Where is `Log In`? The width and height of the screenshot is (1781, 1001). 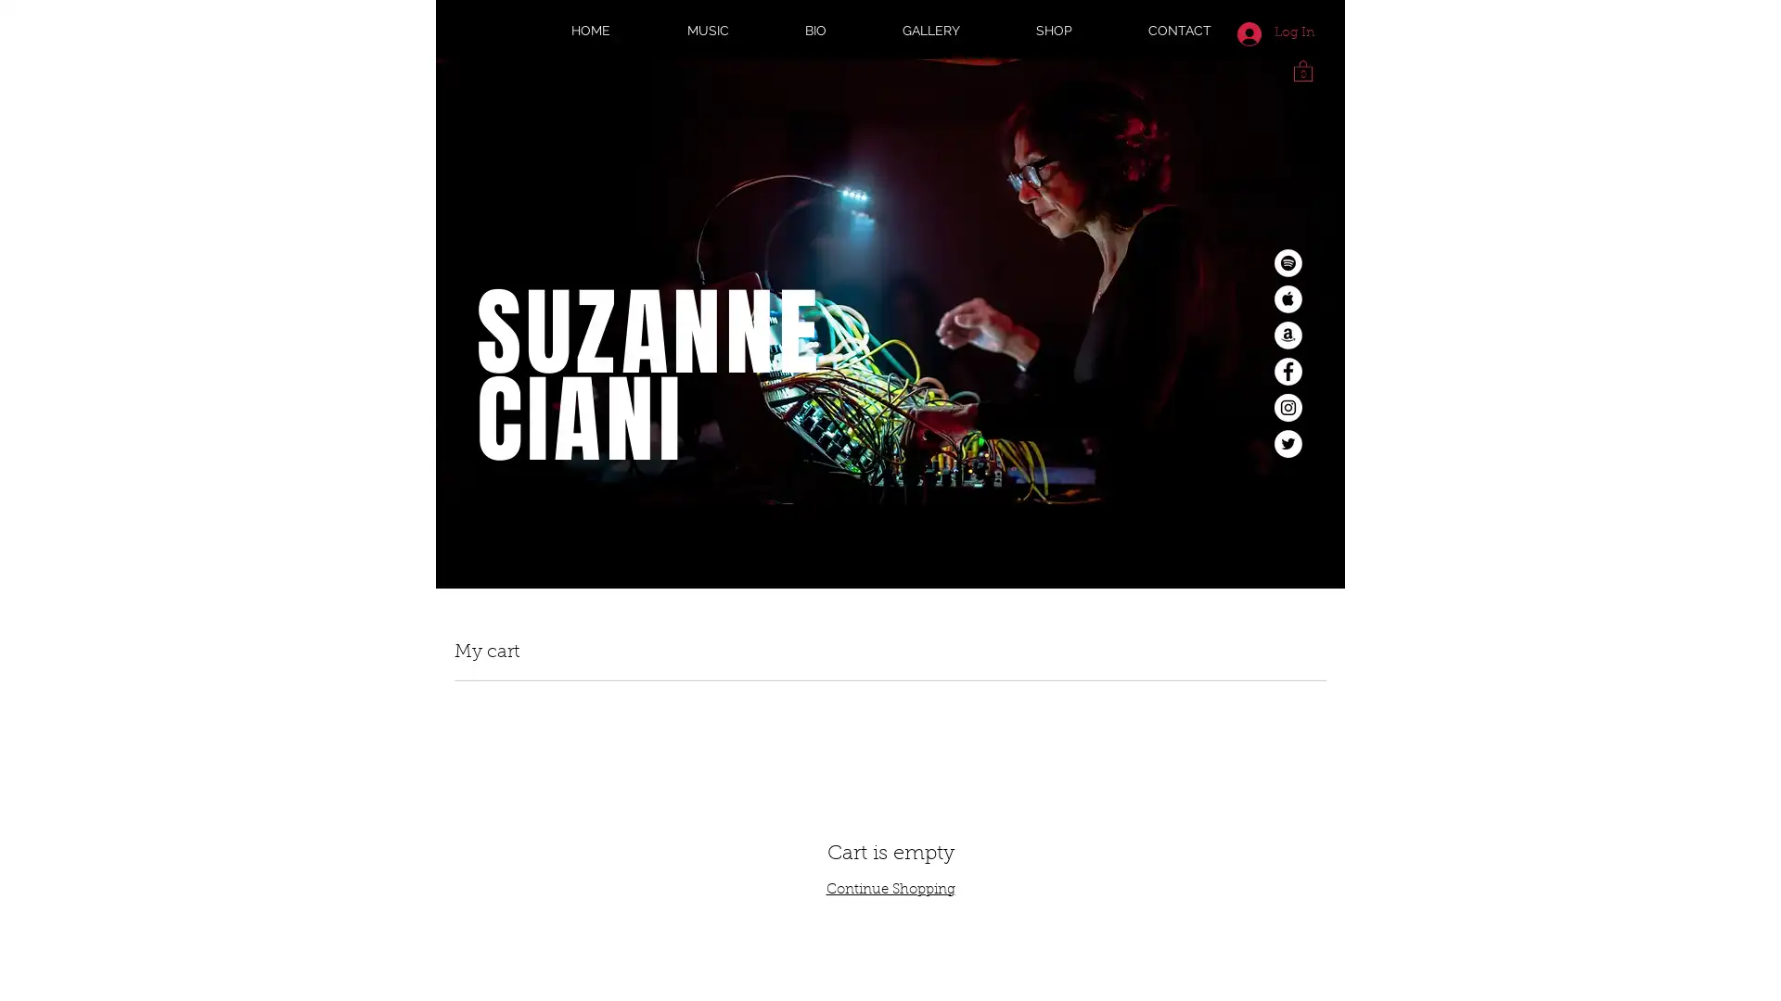
Log In is located at coordinates (1275, 32).